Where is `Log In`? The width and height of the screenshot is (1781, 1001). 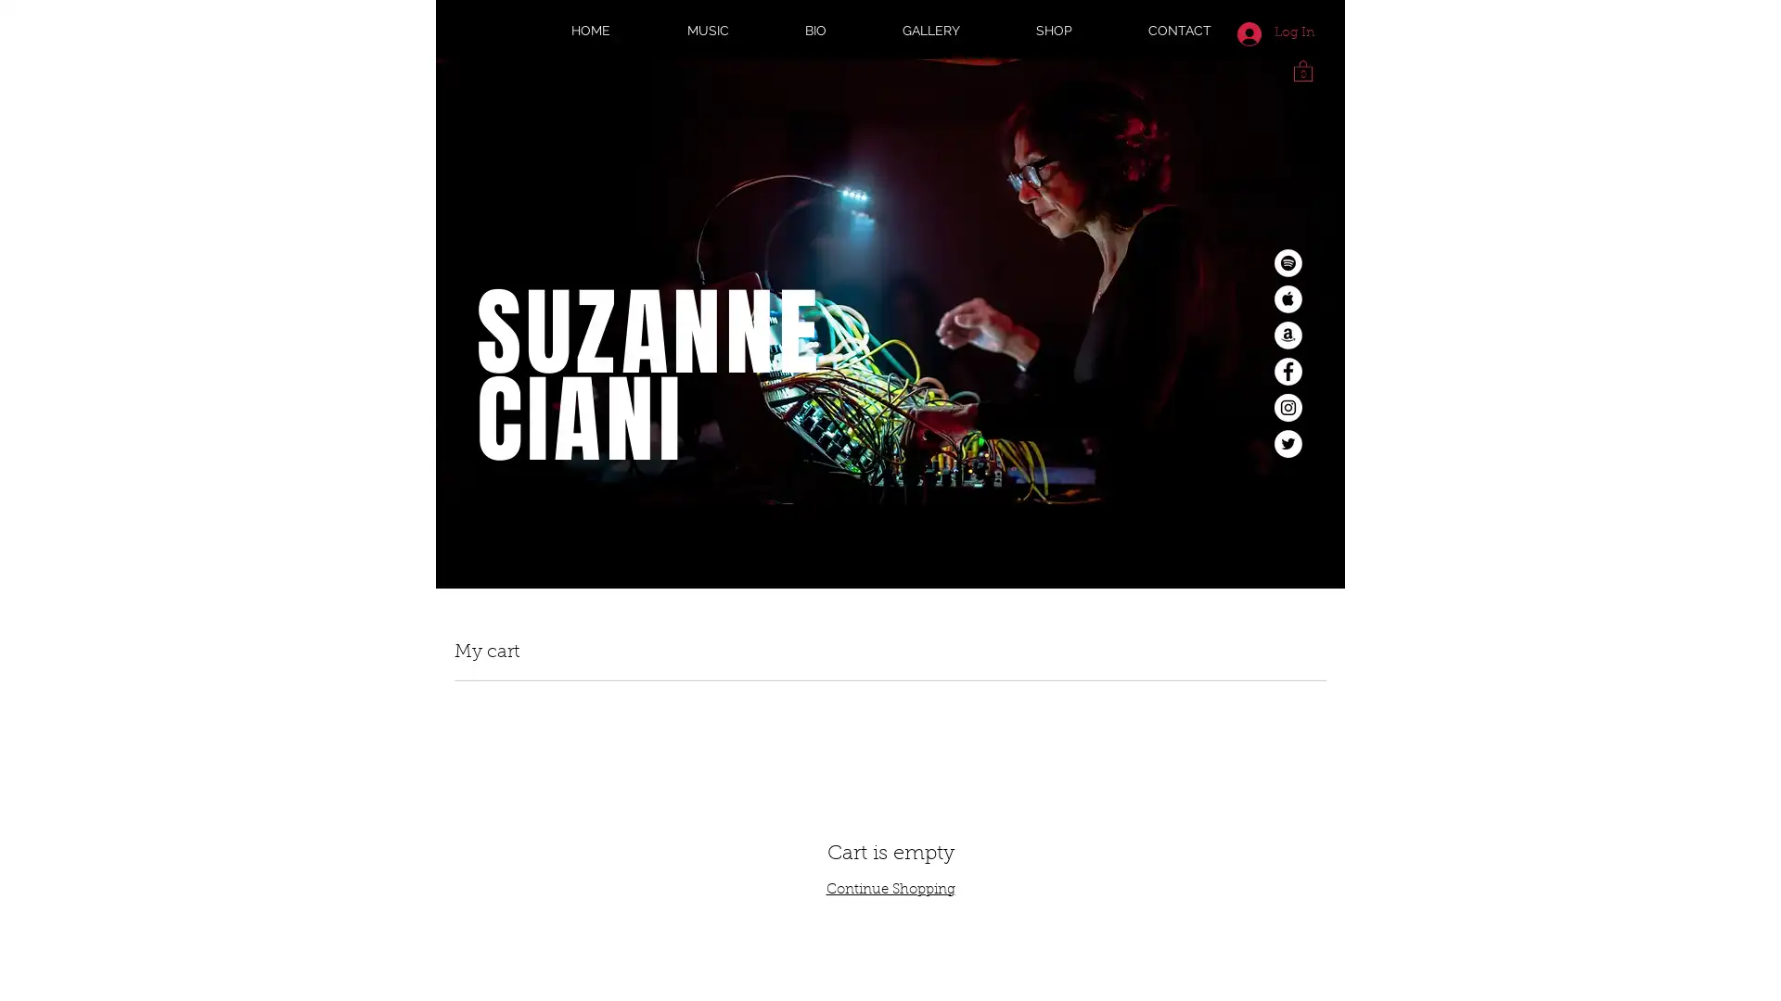
Log In is located at coordinates (1275, 32).